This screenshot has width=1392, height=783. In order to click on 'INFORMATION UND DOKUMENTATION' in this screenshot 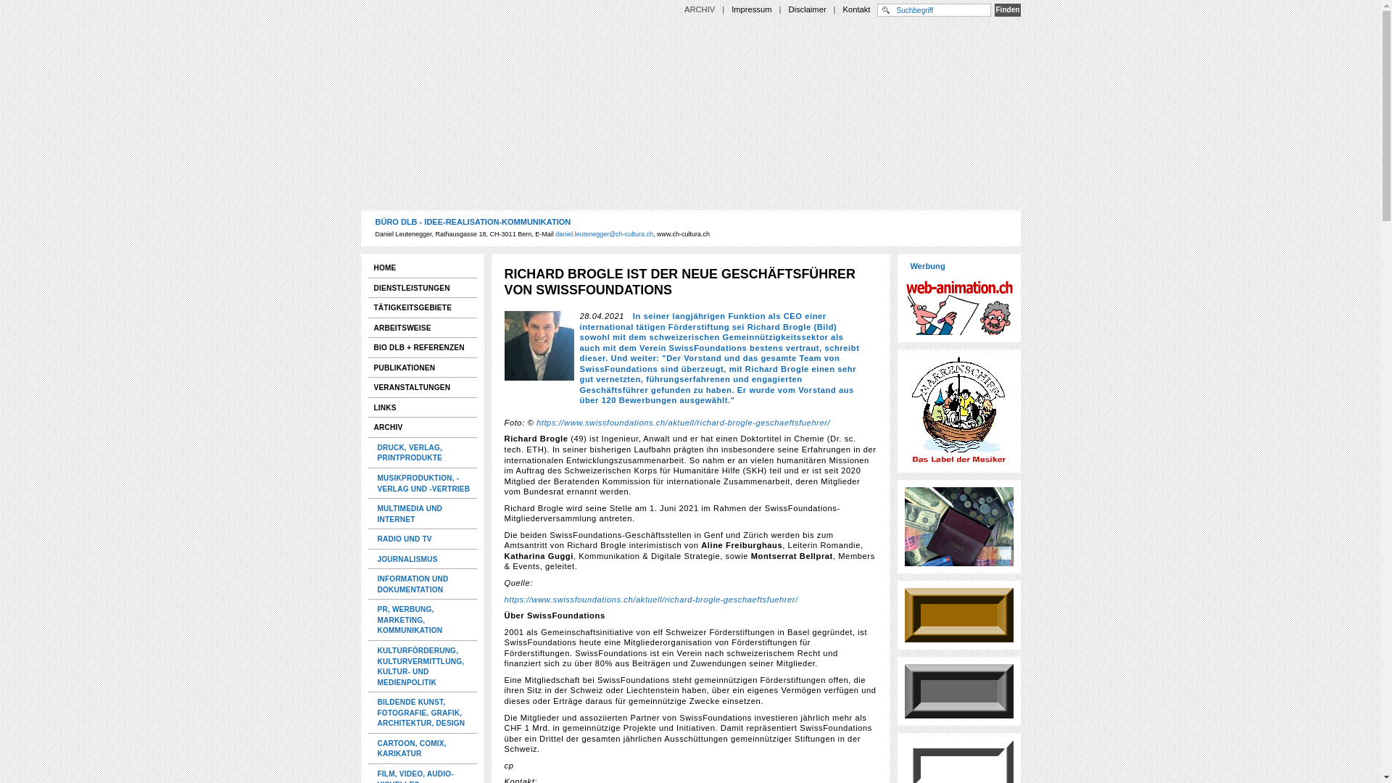, I will do `click(423, 583)`.